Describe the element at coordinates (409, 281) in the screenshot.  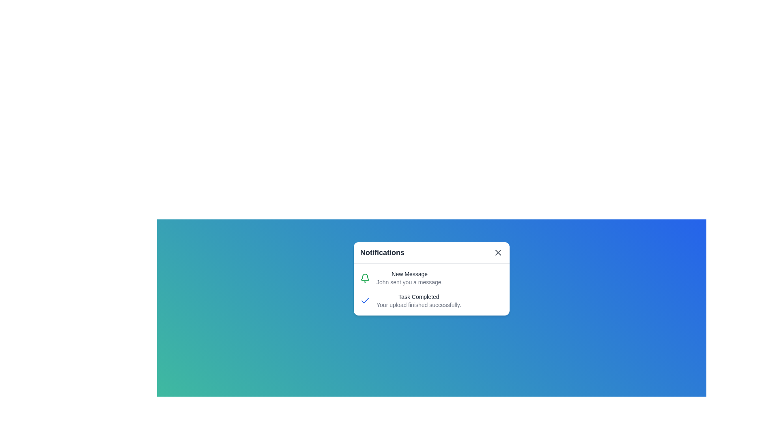
I see `message content displayed as 'John sent you a message.' in gray font, located in the bottom part of the notification card beneath 'New Message'` at that location.